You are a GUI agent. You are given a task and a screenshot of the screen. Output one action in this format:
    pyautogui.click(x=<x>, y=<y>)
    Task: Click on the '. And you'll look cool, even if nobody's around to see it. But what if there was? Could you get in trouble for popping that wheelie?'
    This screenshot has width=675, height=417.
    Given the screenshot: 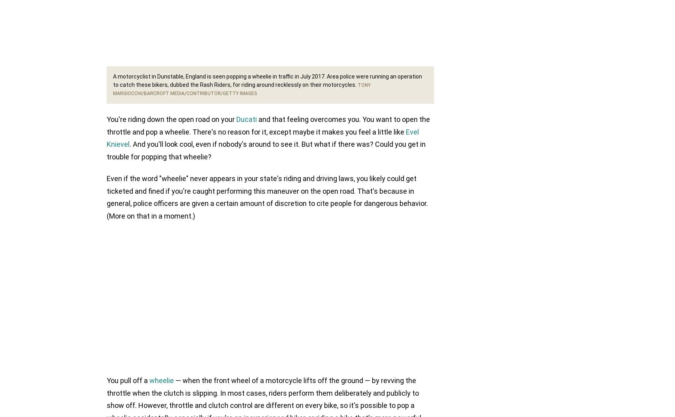 What is the action you would take?
    pyautogui.click(x=266, y=150)
    